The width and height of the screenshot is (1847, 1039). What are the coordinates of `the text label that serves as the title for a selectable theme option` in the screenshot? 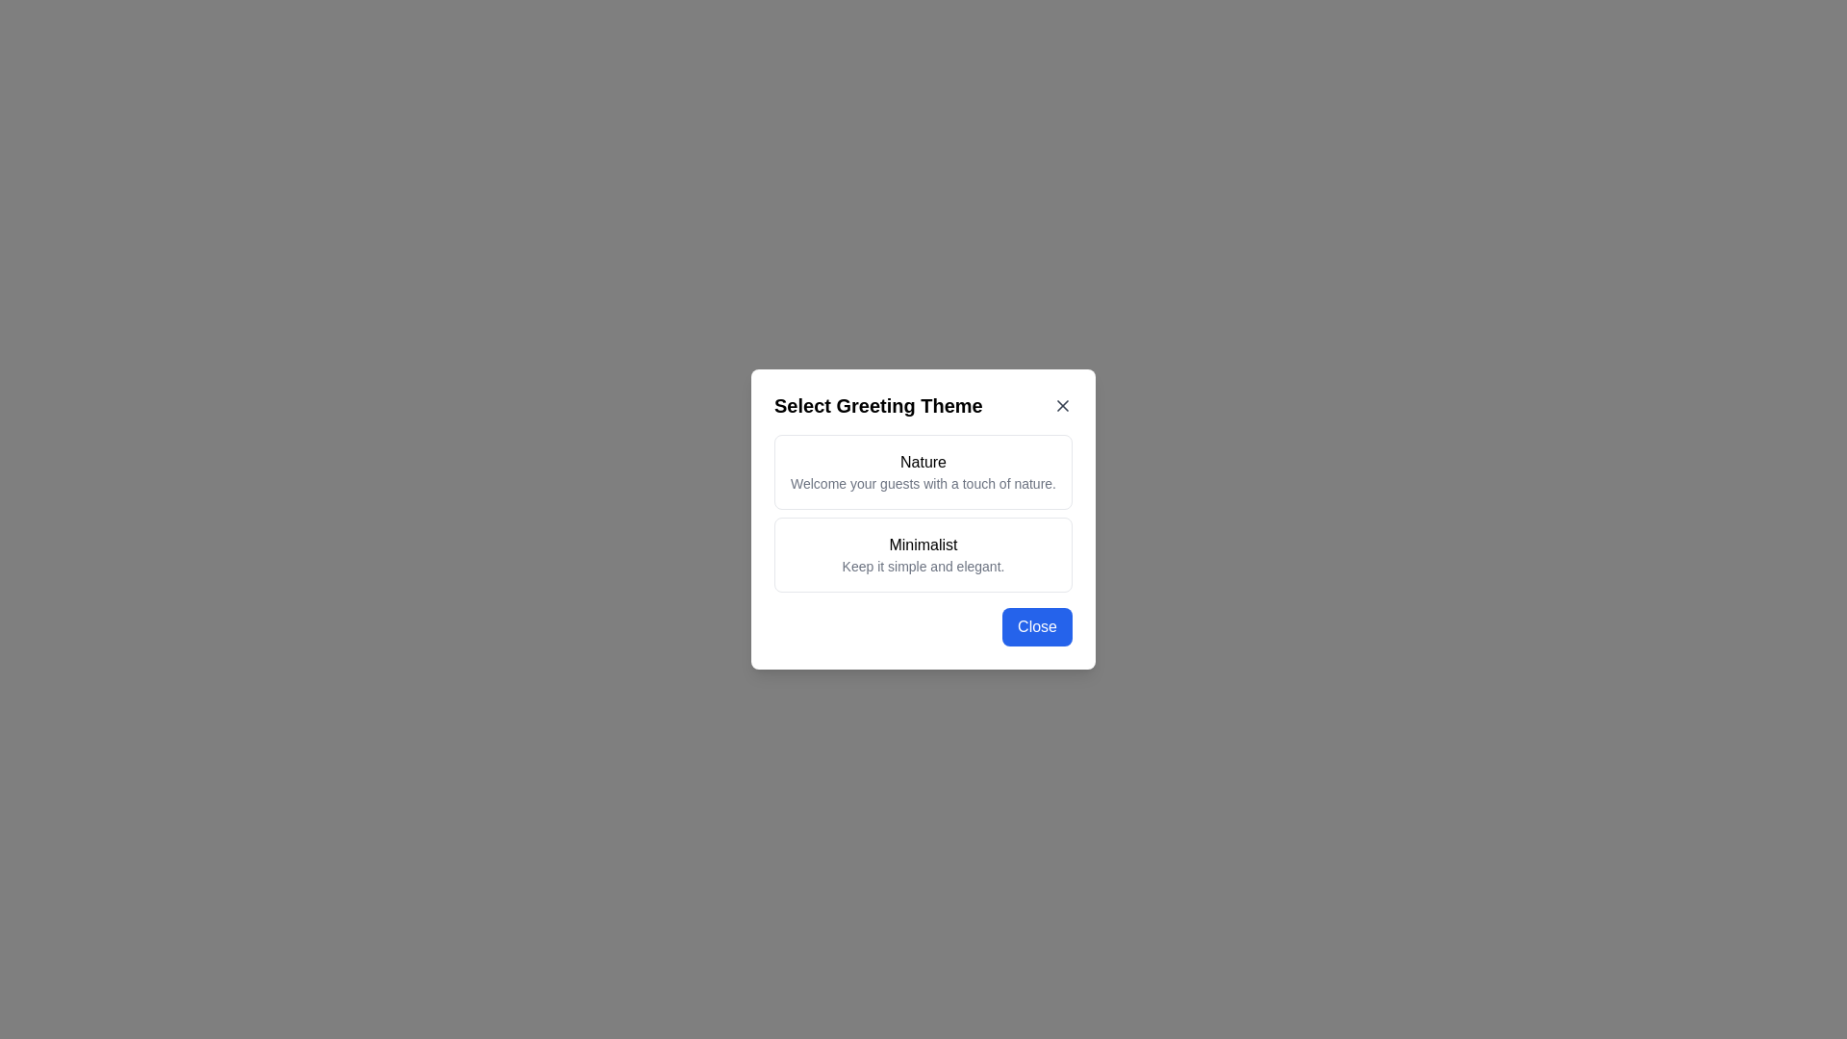 It's located at (923, 545).